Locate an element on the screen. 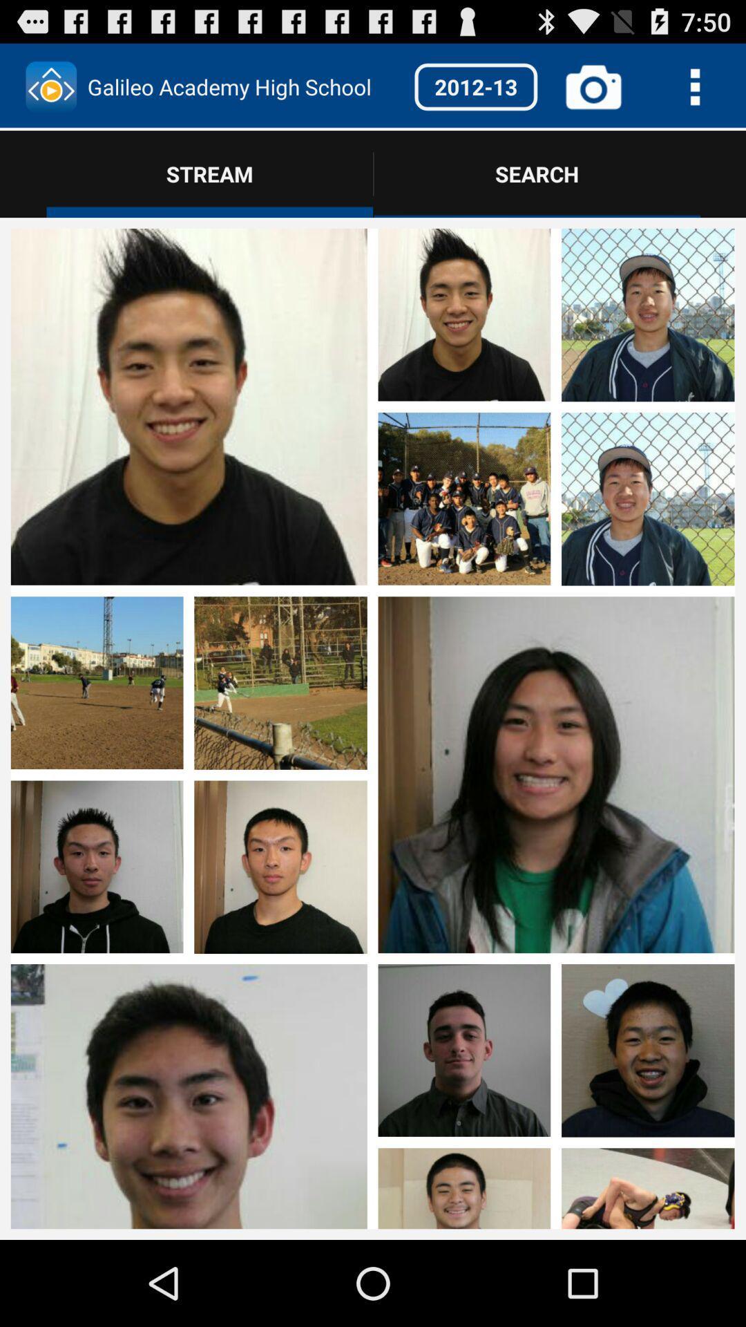  photos page is located at coordinates (464, 684).